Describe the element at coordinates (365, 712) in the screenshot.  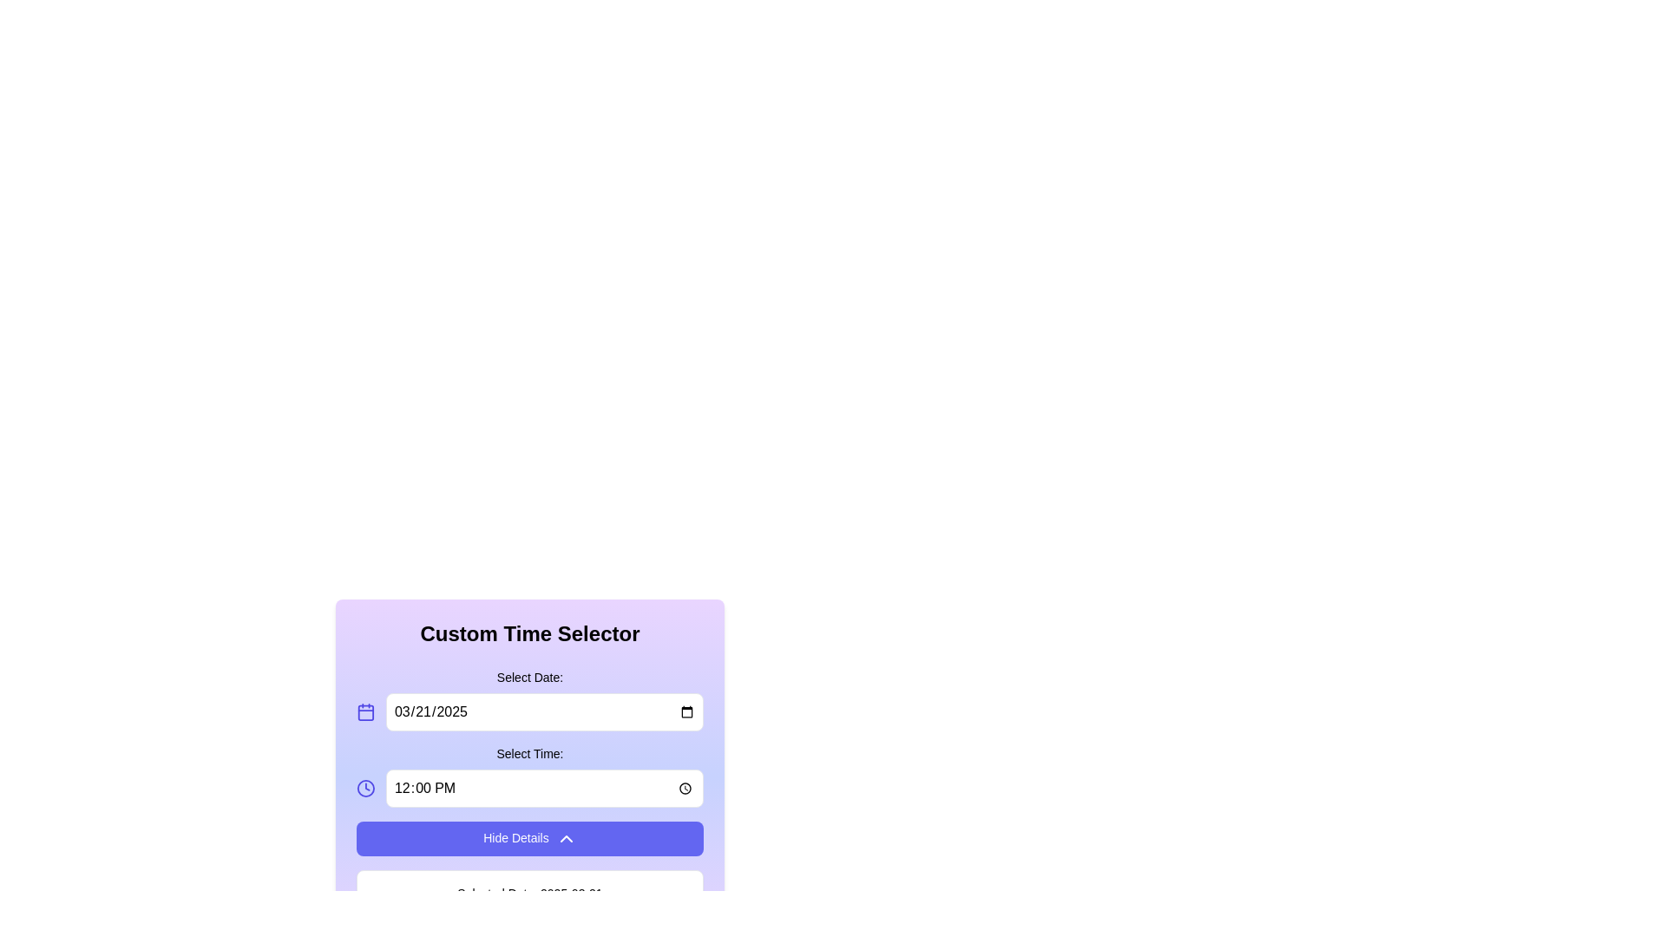
I see `the indigo calendar icon located at the top-left corner of the horizontal group in the 'Custom Time Selector' interface under the 'Select Date' label` at that location.